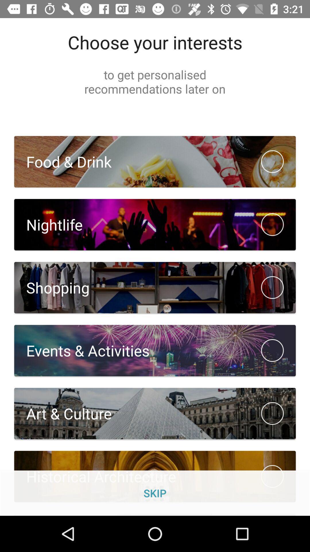 This screenshot has width=310, height=552. I want to click on the button which is below the event  activities, so click(155, 413).